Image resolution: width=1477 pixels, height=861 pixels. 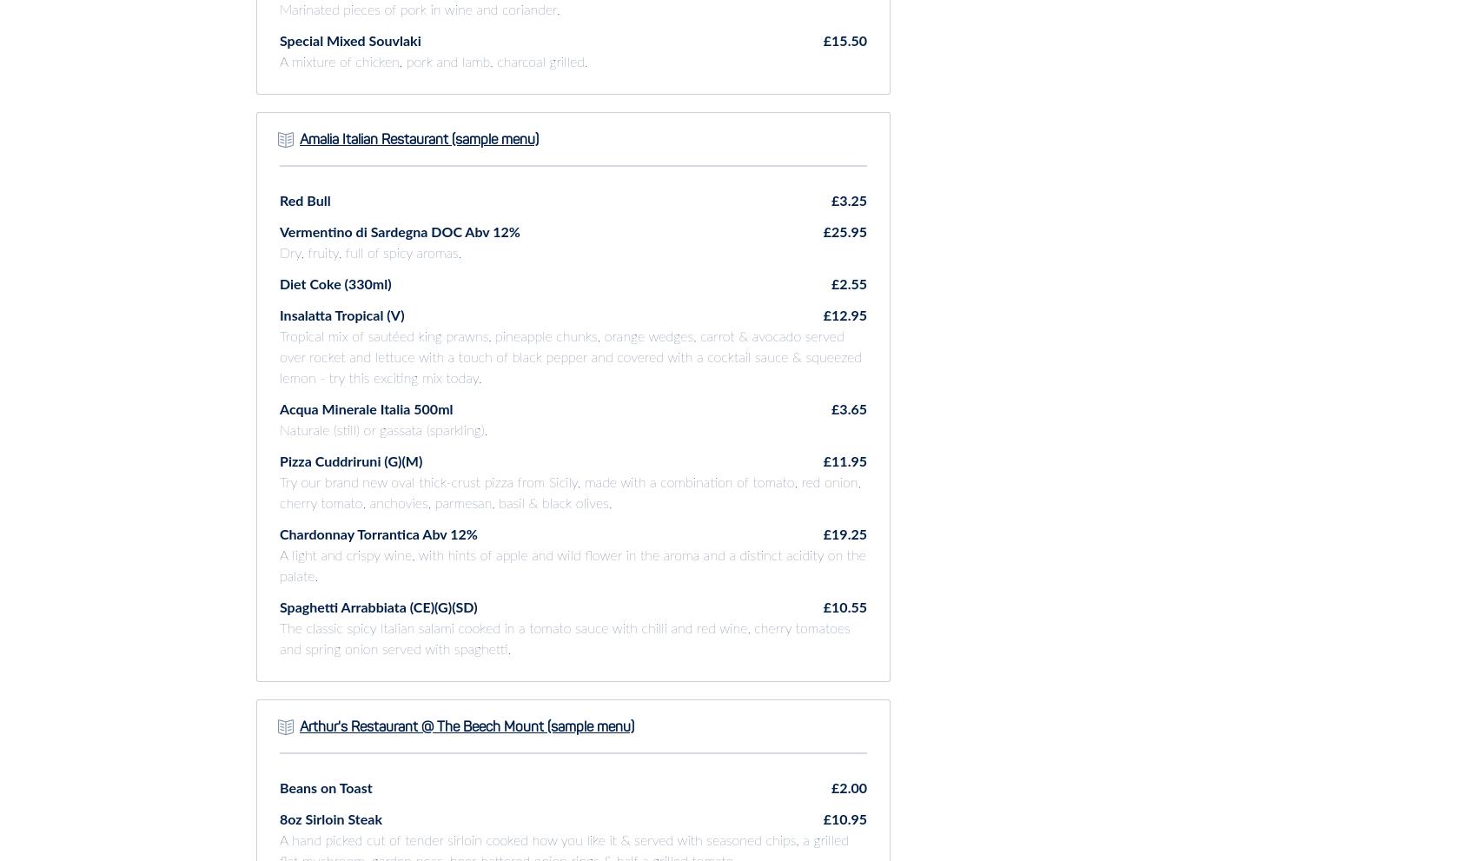 I want to click on '£15.50', so click(x=844, y=40).